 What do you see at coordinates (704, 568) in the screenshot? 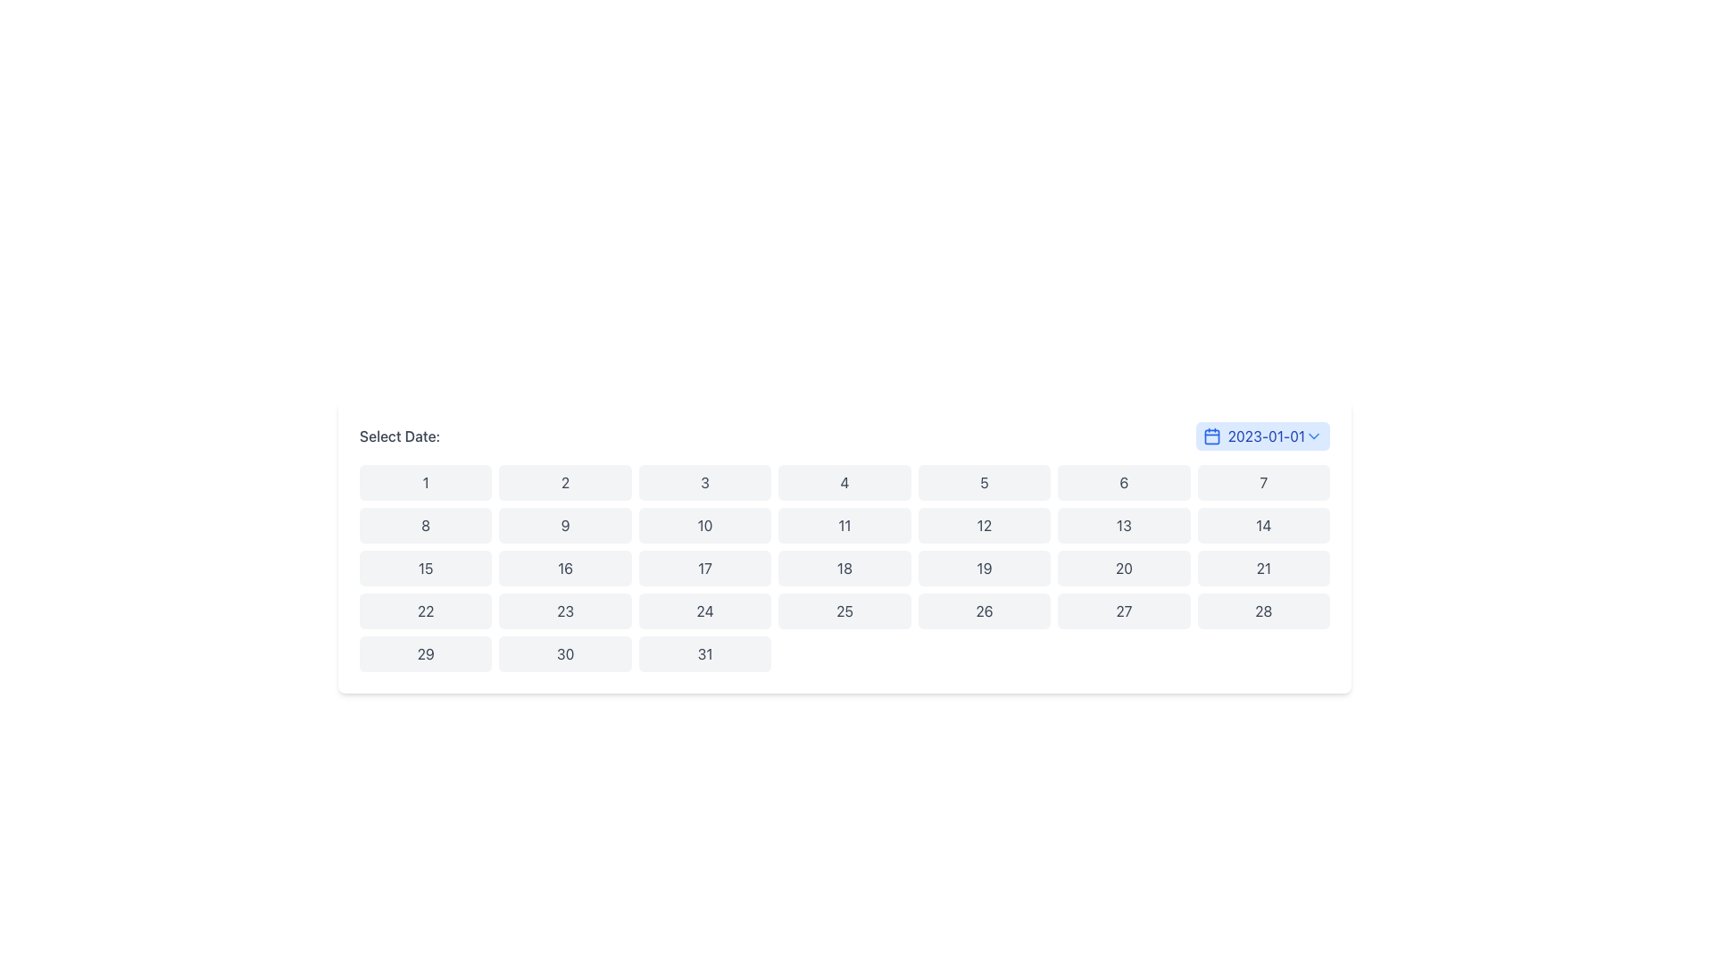
I see `the date selection button representing the date '17' in the calendar interface to change its background color` at bounding box center [704, 568].